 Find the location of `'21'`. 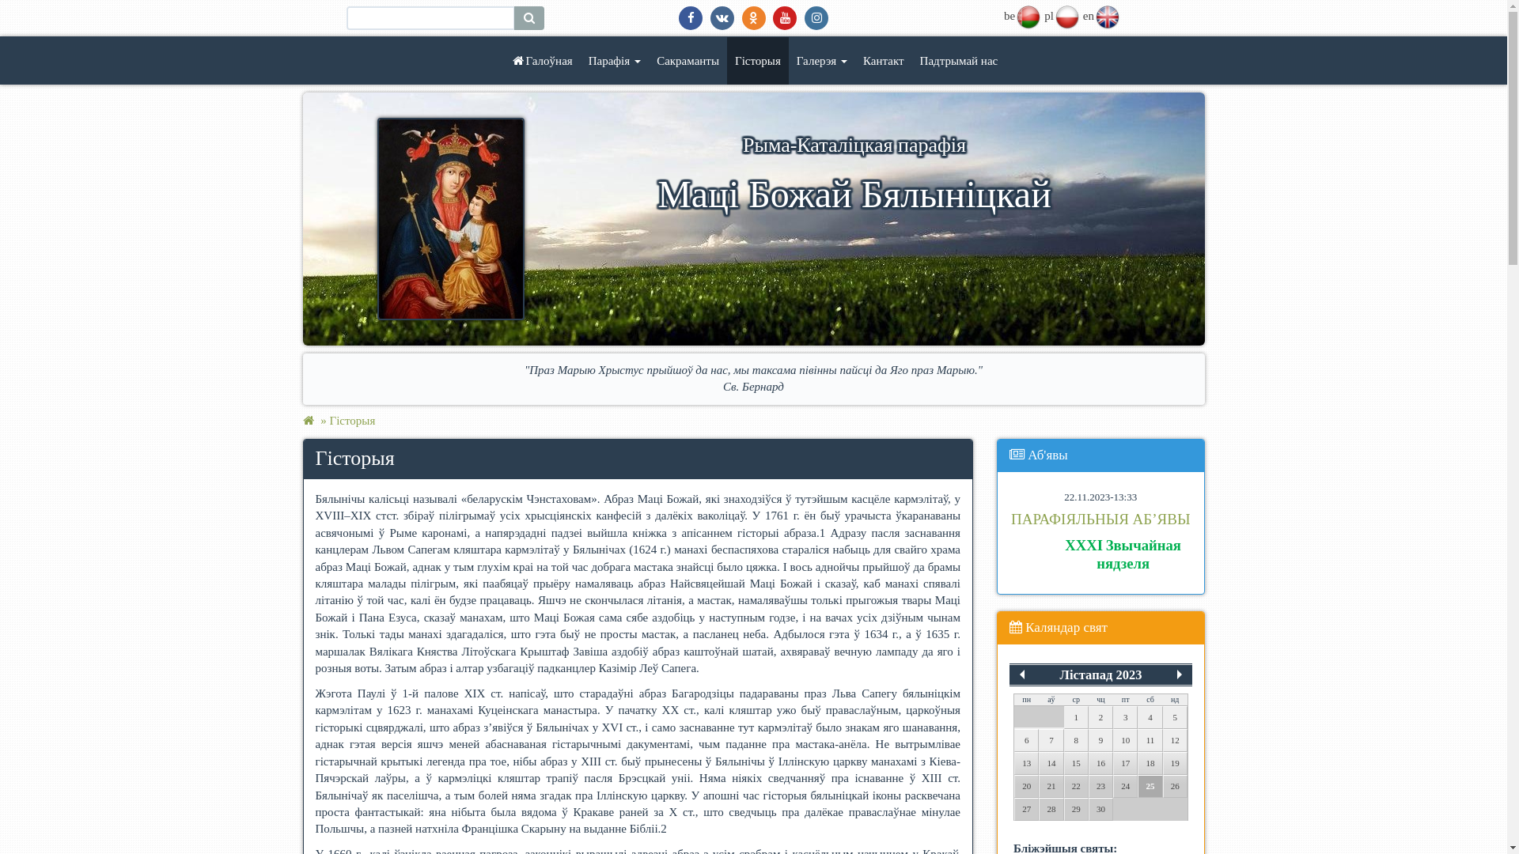

'21' is located at coordinates (1039, 786).